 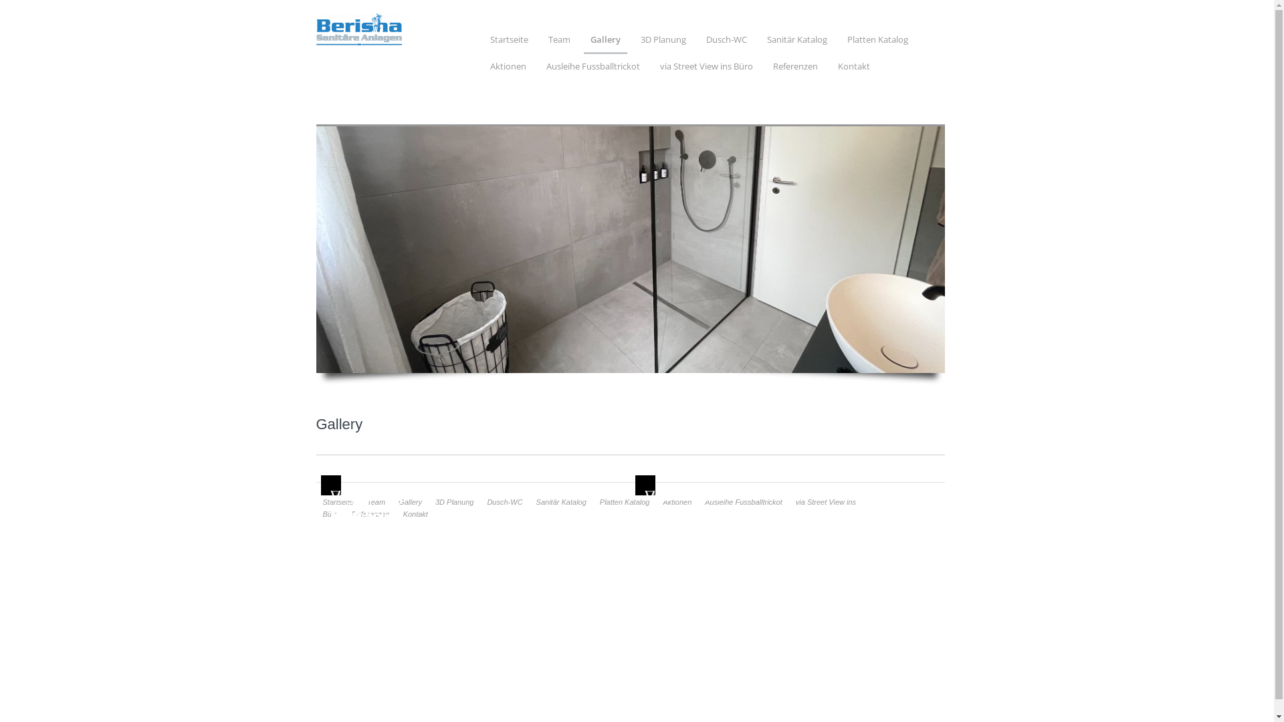 I want to click on 'Kontakt', so click(x=415, y=513).